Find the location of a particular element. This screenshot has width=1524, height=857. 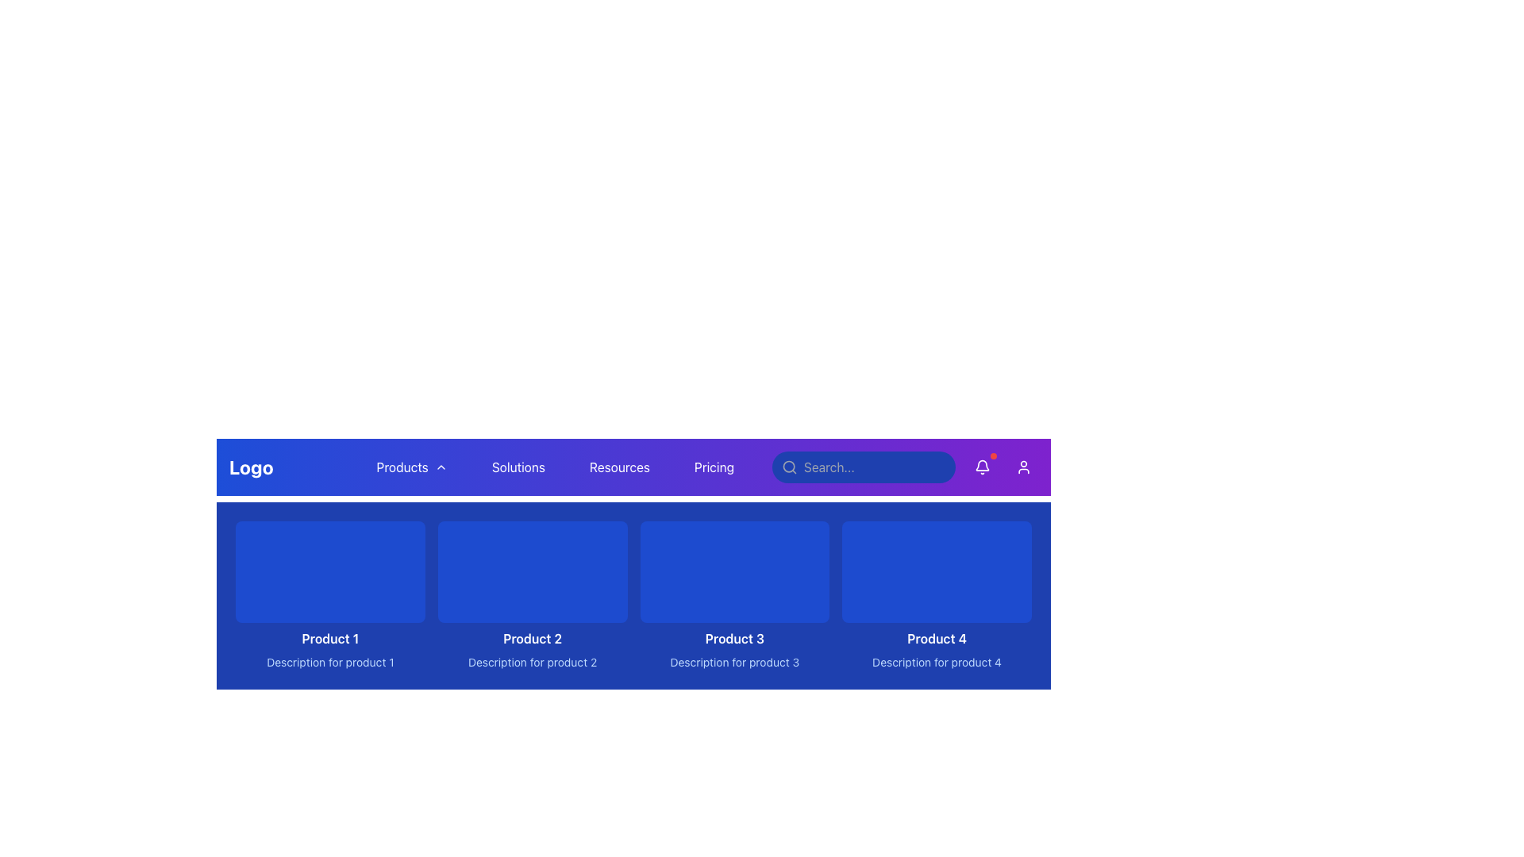

the animated blue rectangular graphical box with rounded corners located in the fourth product card under 'Product 4' is located at coordinates (937, 572).